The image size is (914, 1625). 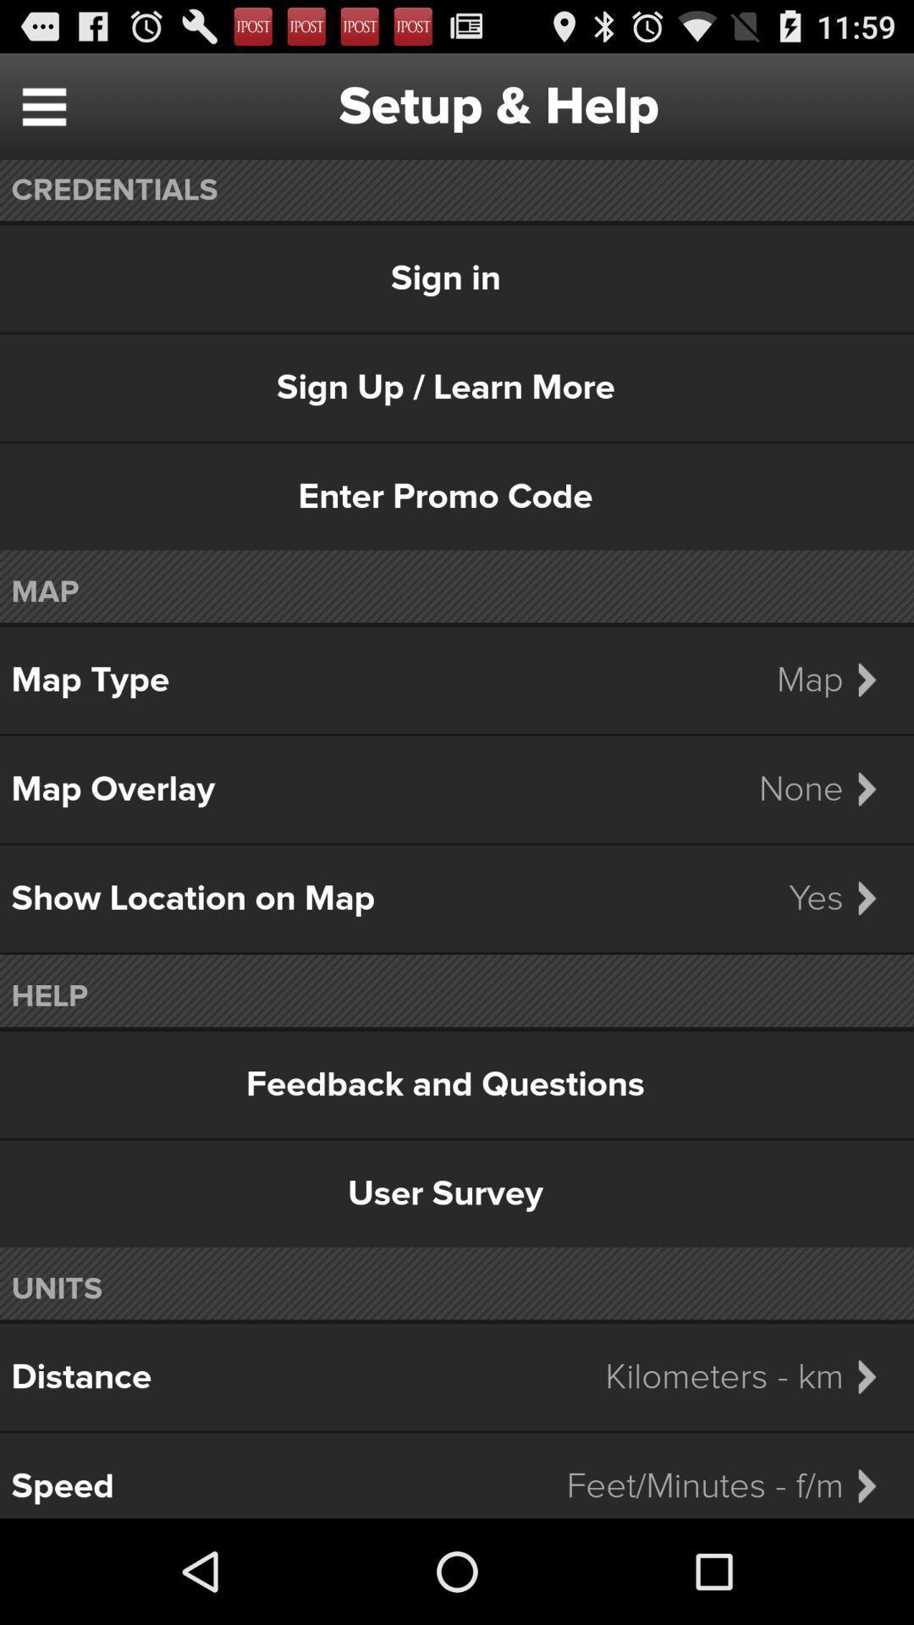 What do you see at coordinates (457, 1084) in the screenshot?
I see `feedback and questions item` at bounding box center [457, 1084].